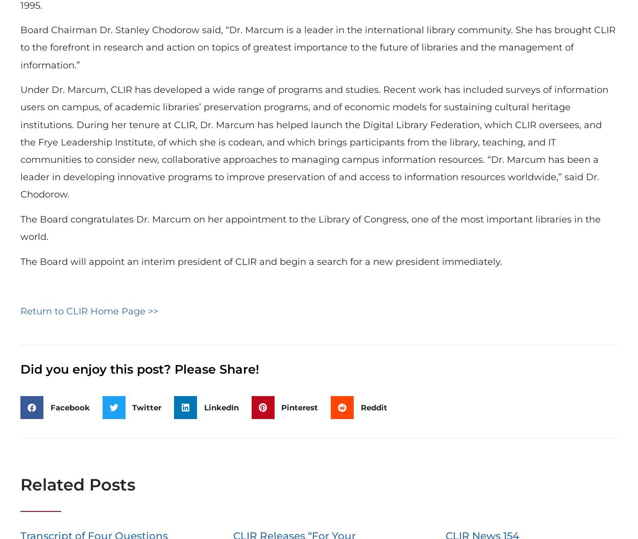 Image resolution: width=638 pixels, height=539 pixels. I want to click on 'LinkedIn', so click(204, 407).